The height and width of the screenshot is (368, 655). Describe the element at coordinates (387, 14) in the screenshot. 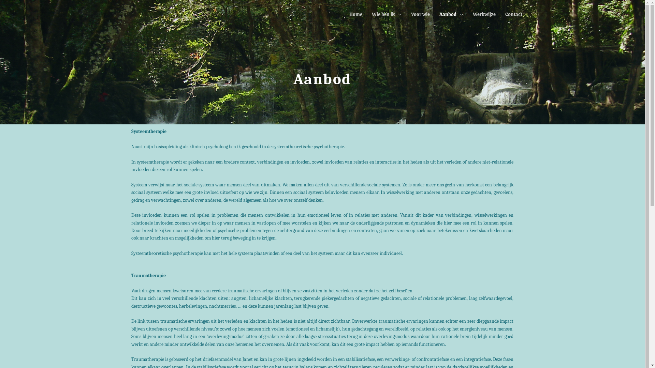

I see `'Wie ben ik'` at that location.